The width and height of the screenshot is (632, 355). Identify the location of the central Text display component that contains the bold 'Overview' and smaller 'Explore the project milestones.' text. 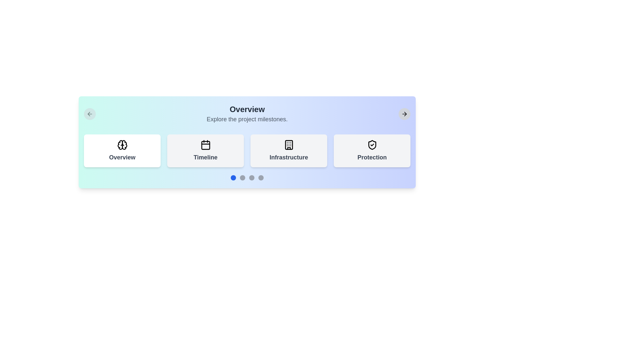
(247, 114).